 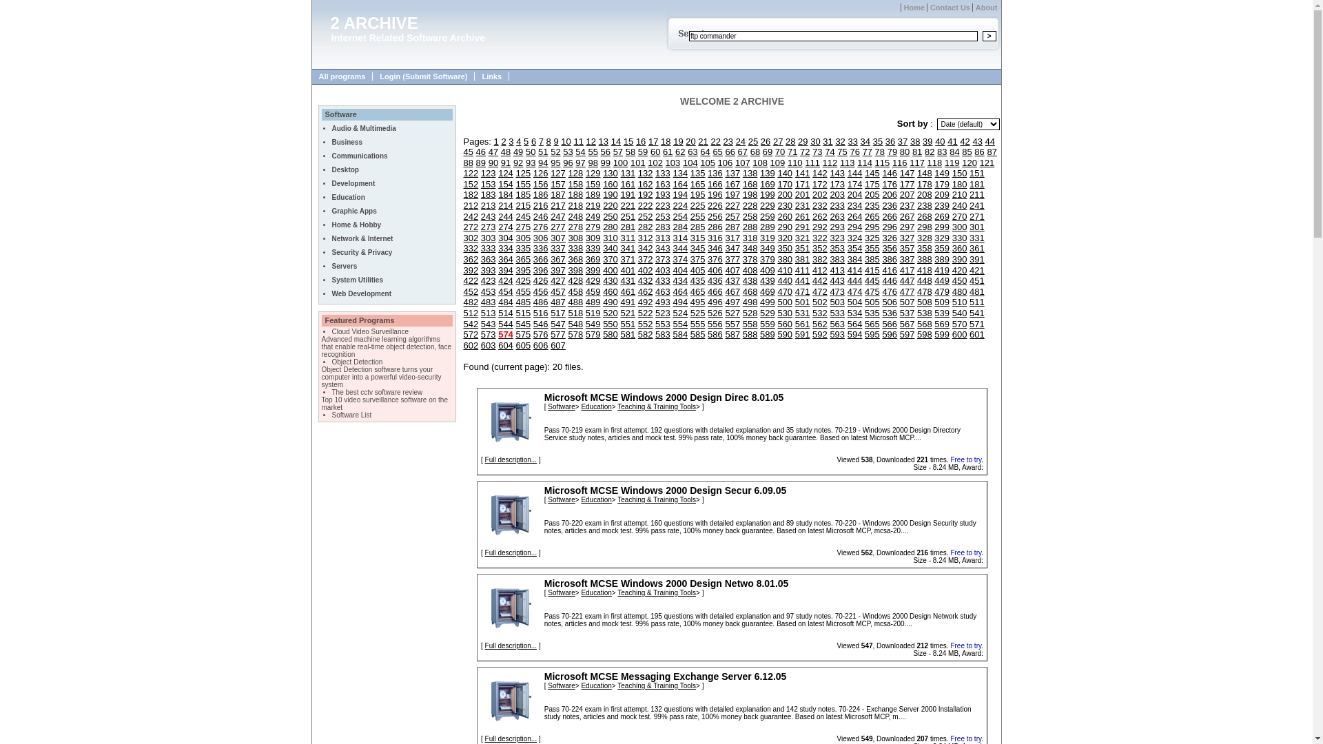 What do you see at coordinates (708, 226) in the screenshot?
I see `'286'` at bounding box center [708, 226].